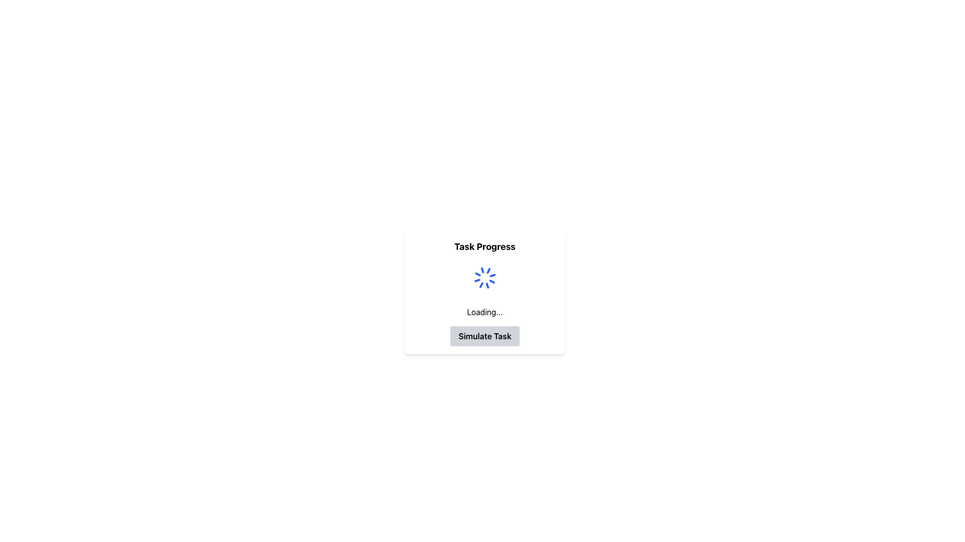 The image size is (965, 542). I want to click on the button labeled for triggering a task simulation located at the bottom center of the 'Task Progress' card for keyboard navigation, so click(485, 336).